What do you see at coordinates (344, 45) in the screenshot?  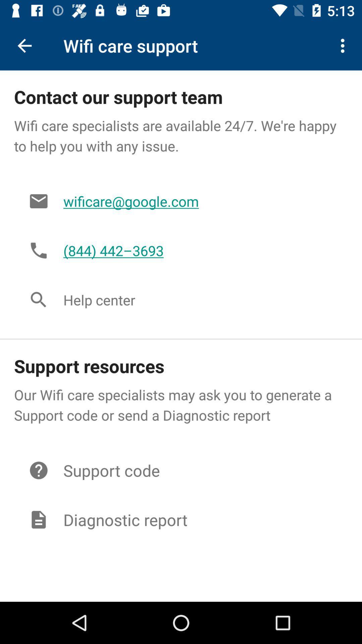 I see `the item above the wifi care specialists icon` at bounding box center [344, 45].